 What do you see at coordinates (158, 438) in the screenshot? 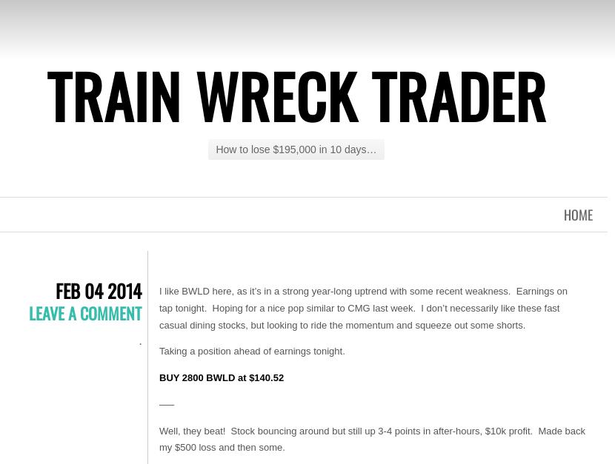
I see `'Well, they beat!  Stock bouncing around but still up 3-4 points in after-hours, $10k profit.  Made back my $500 loss and then some.'` at bounding box center [158, 438].